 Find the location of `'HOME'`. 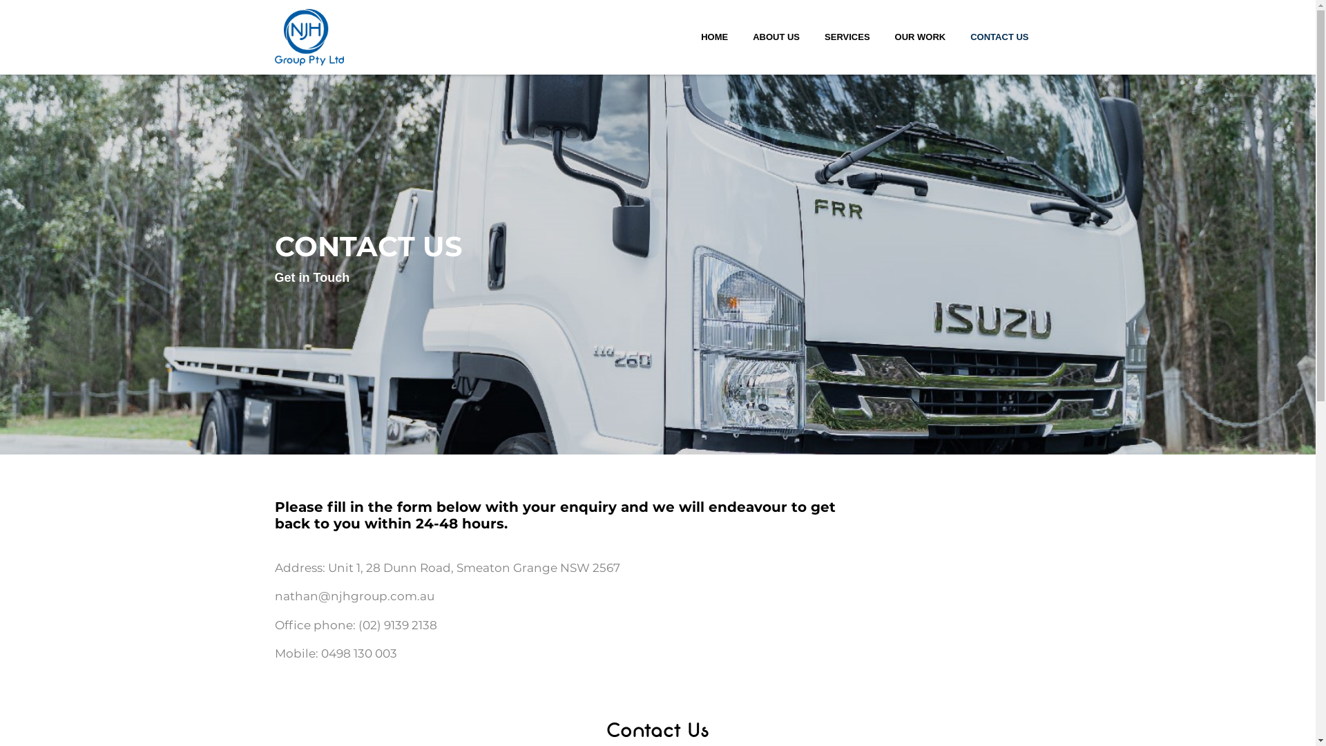

'HOME' is located at coordinates (714, 37).